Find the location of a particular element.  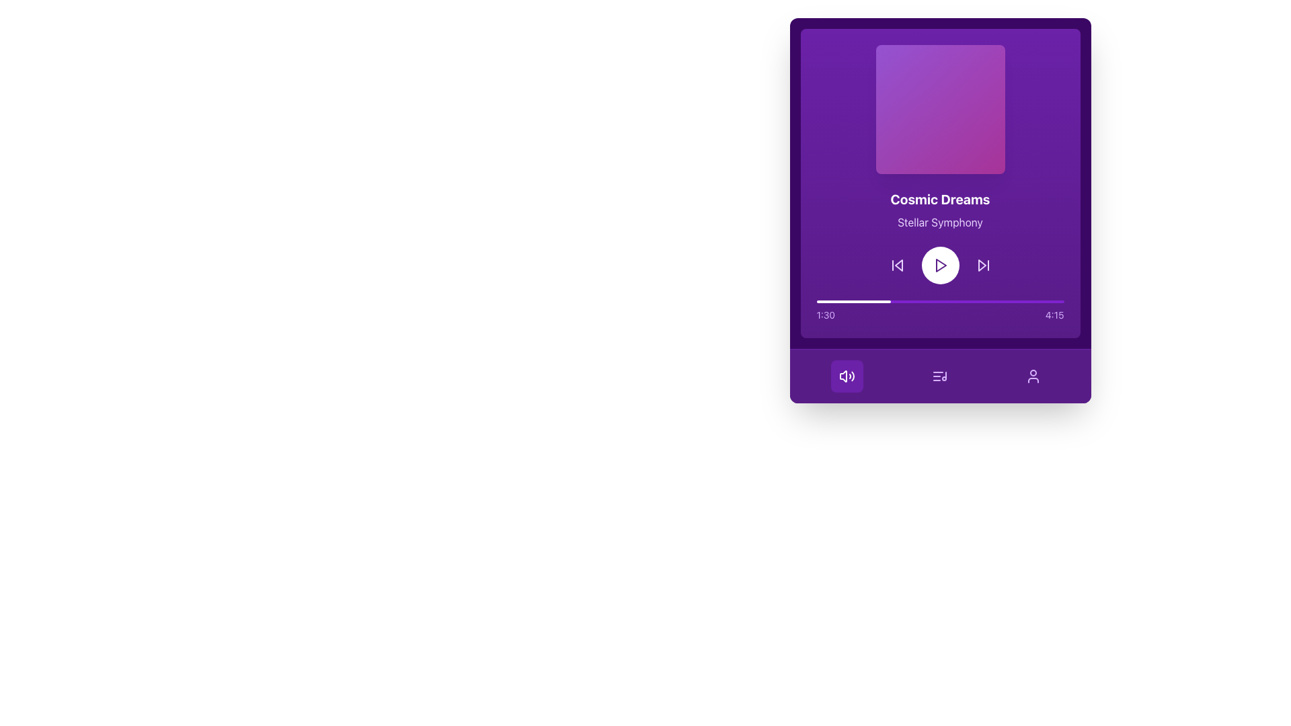

playback time is located at coordinates (1003, 300).